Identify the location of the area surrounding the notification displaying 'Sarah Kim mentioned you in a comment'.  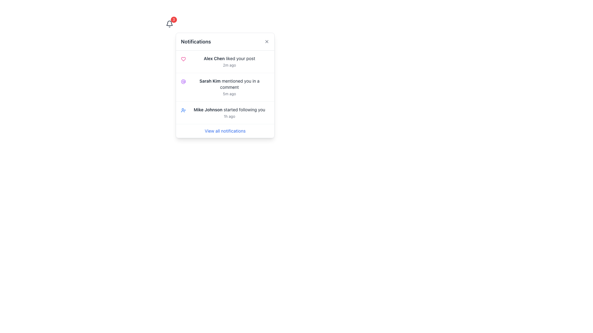
(229, 84).